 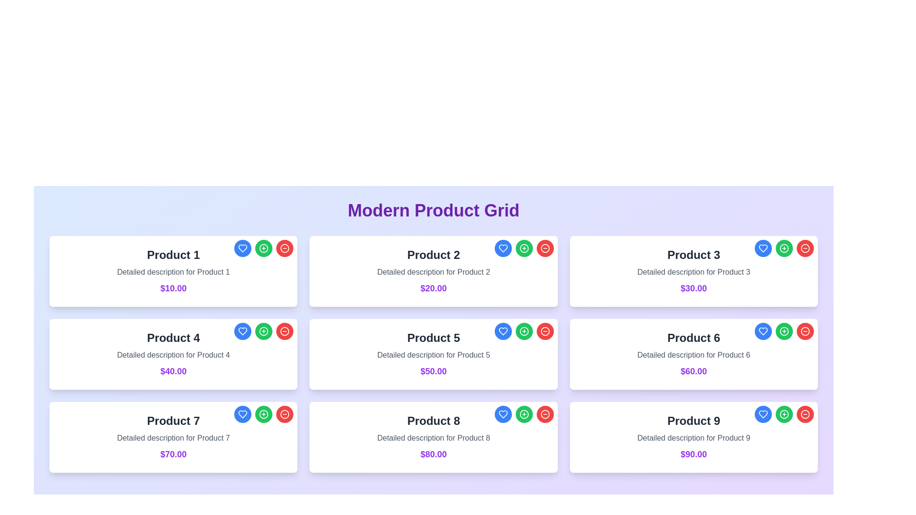 What do you see at coordinates (173, 288) in the screenshot?
I see `price label located in the card for 'Product 1', which is positioned below the product name and description in the first column and first row of the grid layout` at bounding box center [173, 288].